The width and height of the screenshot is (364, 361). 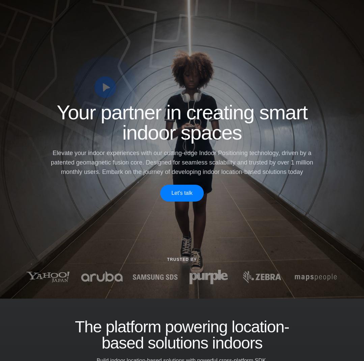 What do you see at coordinates (150, 15) in the screenshot?
I see `'Pricing'` at bounding box center [150, 15].